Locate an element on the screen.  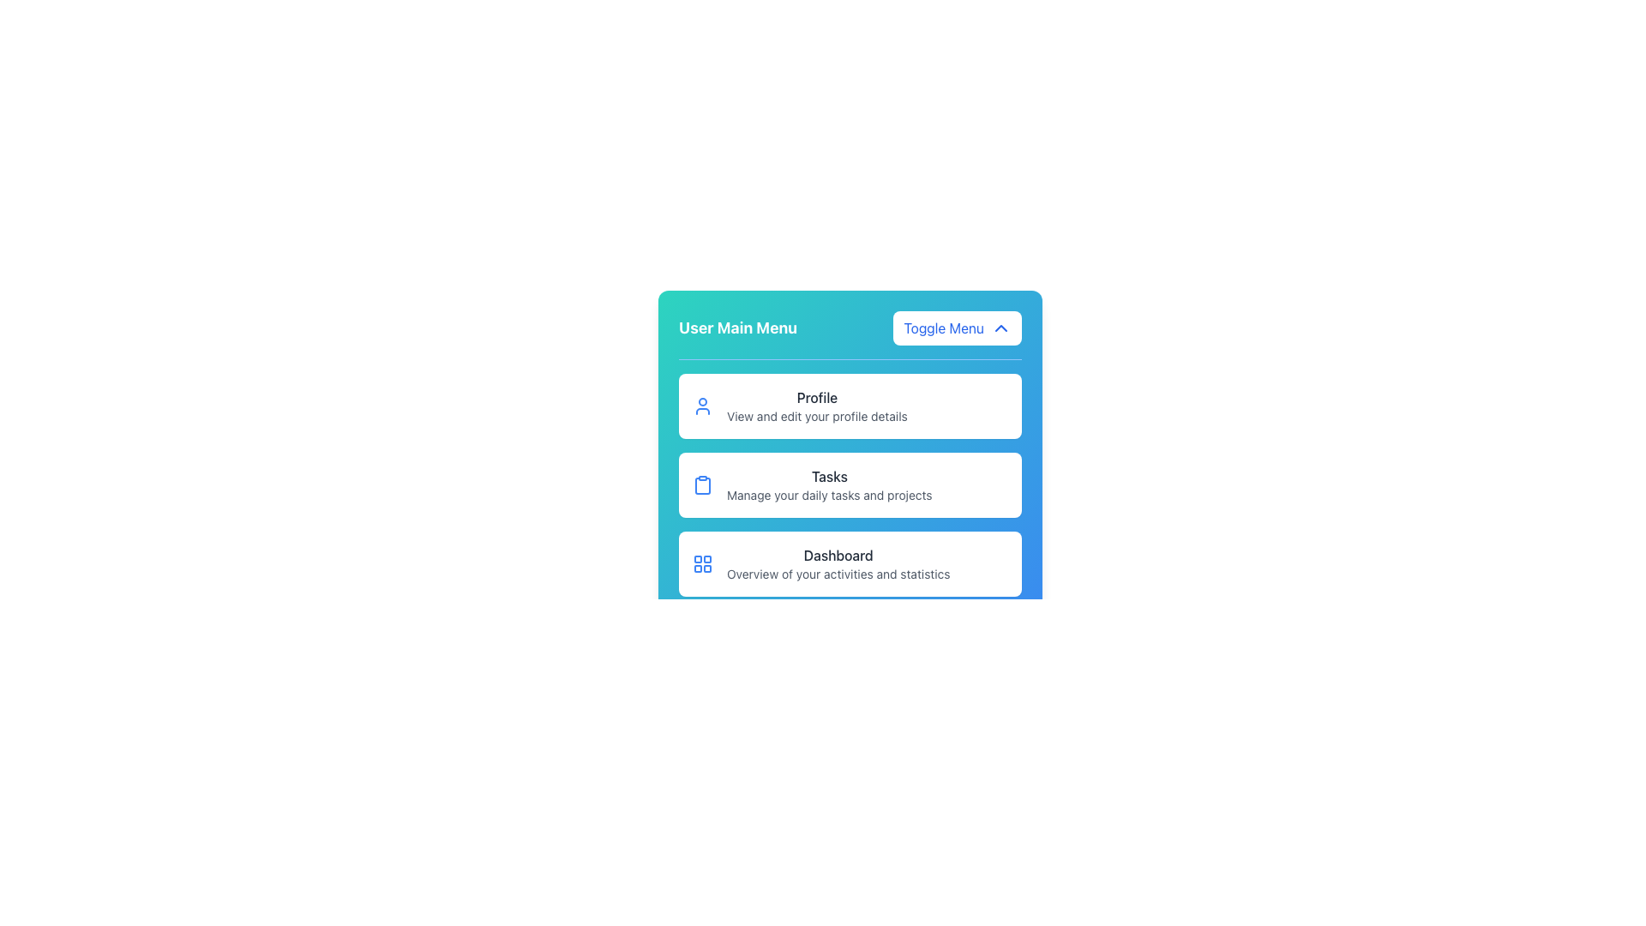
the Chevron Icon located on the right side of the 'Toggle Menu' button is located at coordinates (1000, 328).